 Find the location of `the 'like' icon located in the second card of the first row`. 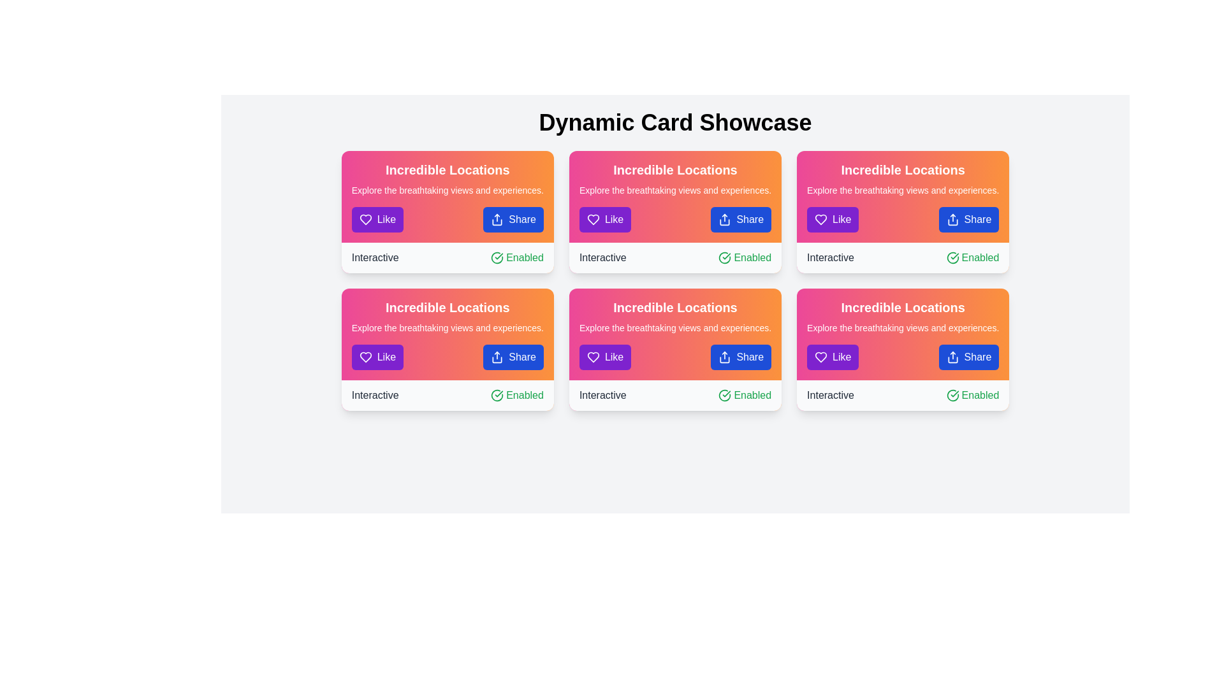

the 'like' icon located in the second card of the first row is located at coordinates (592, 219).